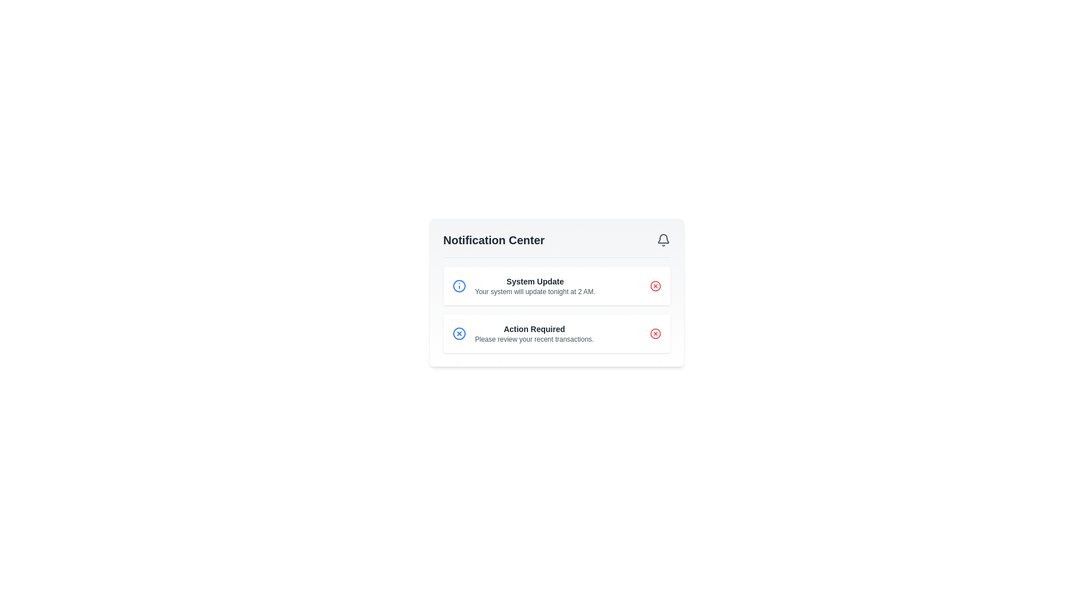 This screenshot has width=1089, height=612. Describe the element at coordinates (663, 240) in the screenshot. I see `the bell icon located at the far right end of the header area, adjacent to the 'Notification Center' text` at that location.